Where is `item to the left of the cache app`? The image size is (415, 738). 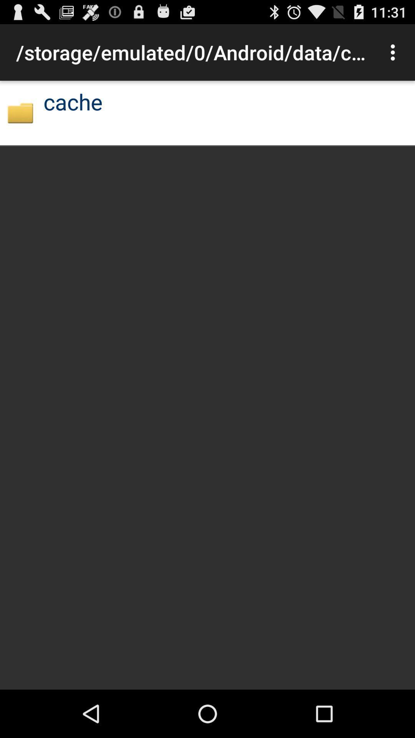
item to the left of the cache app is located at coordinates (20, 112).